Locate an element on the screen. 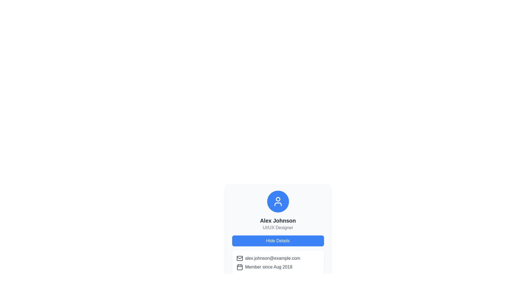  the text element displaying the user's email address, which is contained within a card-like component and positioned below a blue action button is located at coordinates (278, 258).